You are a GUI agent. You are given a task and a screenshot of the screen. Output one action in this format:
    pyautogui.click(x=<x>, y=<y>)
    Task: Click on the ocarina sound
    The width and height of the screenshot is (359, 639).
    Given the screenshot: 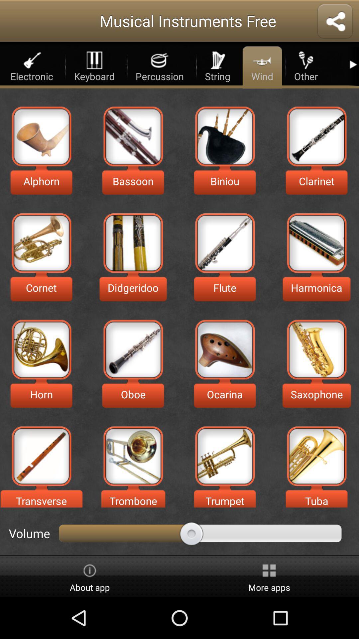 What is the action you would take?
    pyautogui.click(x=224, y=349)
    